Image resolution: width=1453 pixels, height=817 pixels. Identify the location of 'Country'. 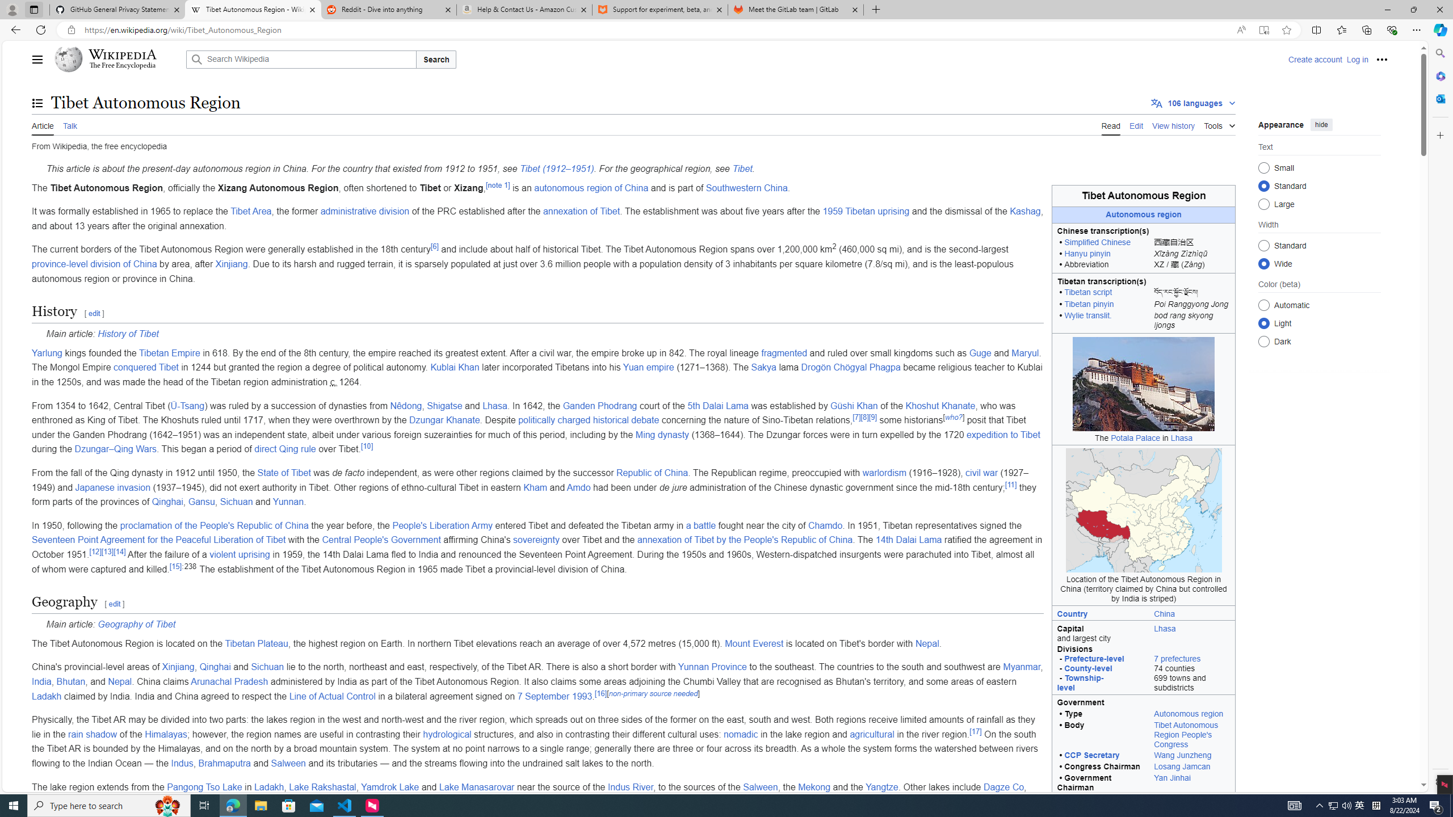
(1101, 613).